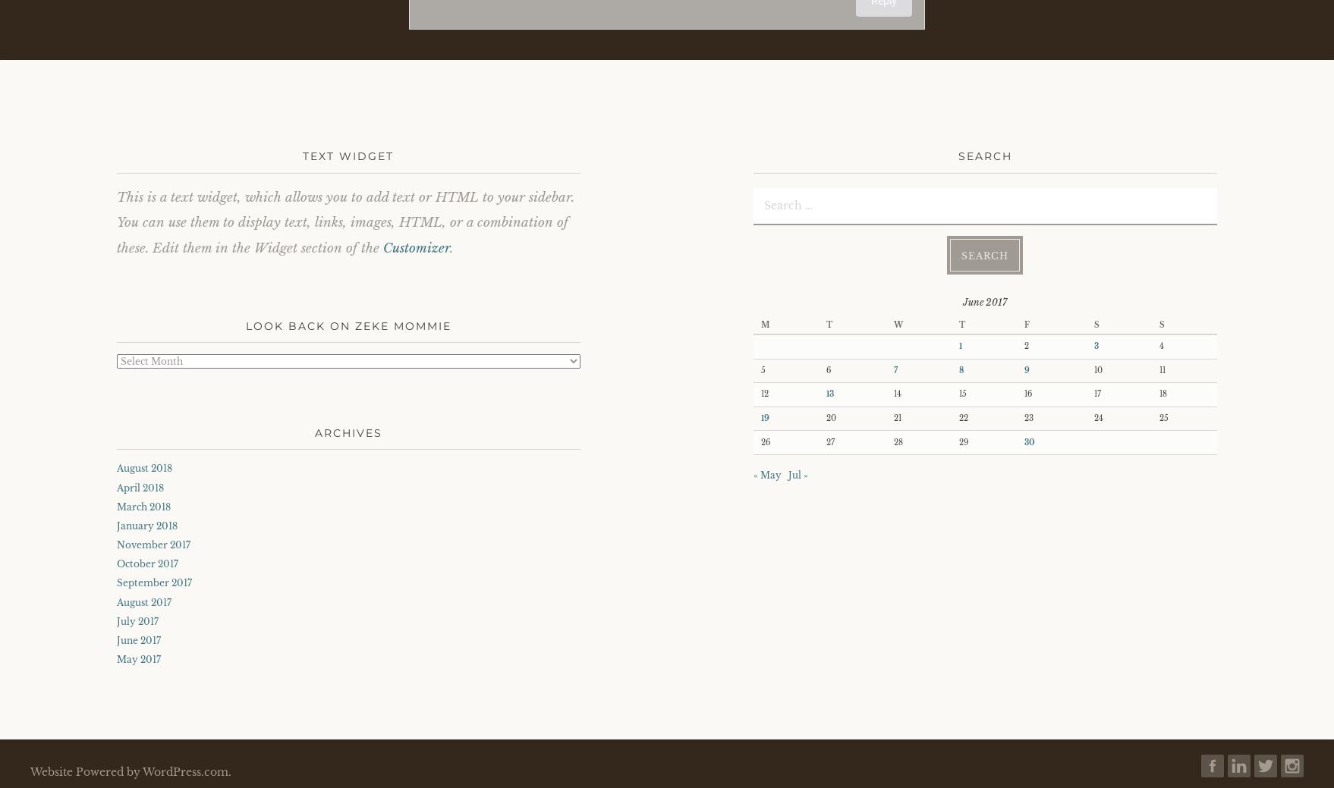  Describe the element at coordinates (1025, 345) in the screenshot. I see `'2'` at that location.